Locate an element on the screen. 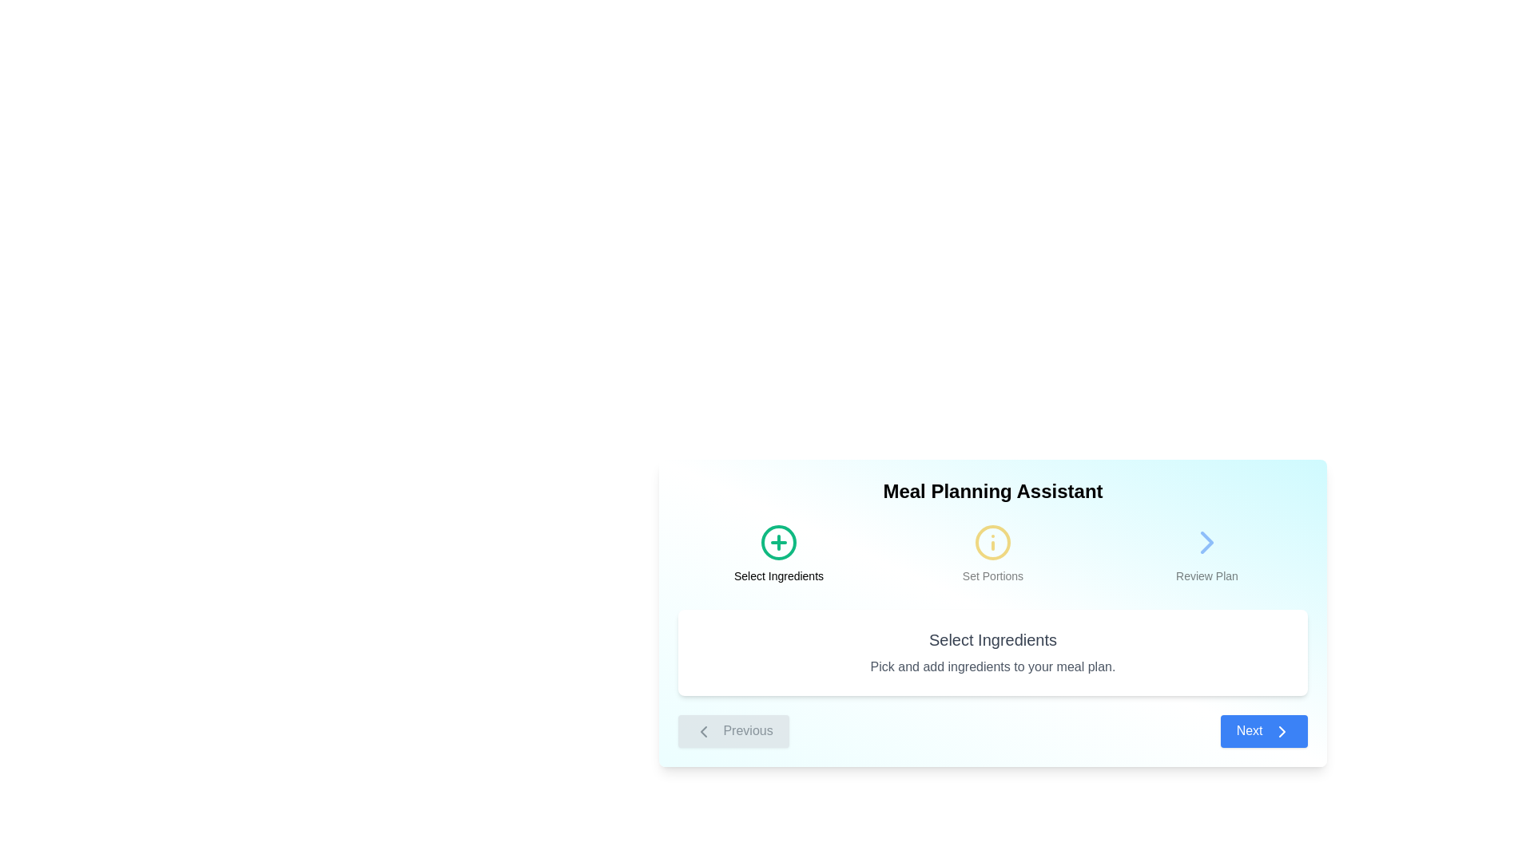  the explanatory text element located below the 'Select Ingredients' title in the white, rounded rectangle at the center-bottom of the interface is located at coordinates (992, 667).